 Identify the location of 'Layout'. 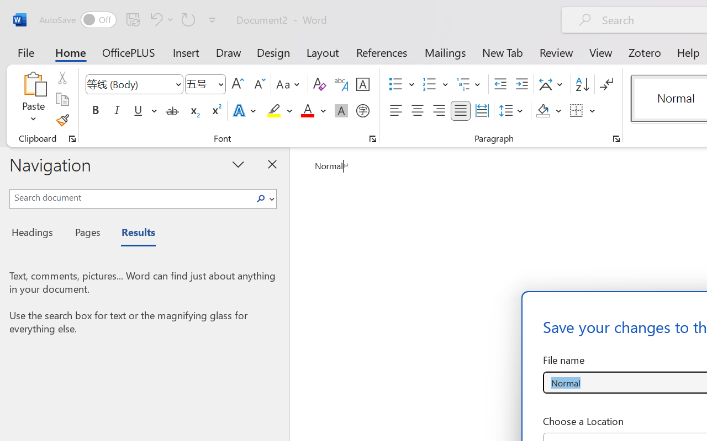
(322, 52).